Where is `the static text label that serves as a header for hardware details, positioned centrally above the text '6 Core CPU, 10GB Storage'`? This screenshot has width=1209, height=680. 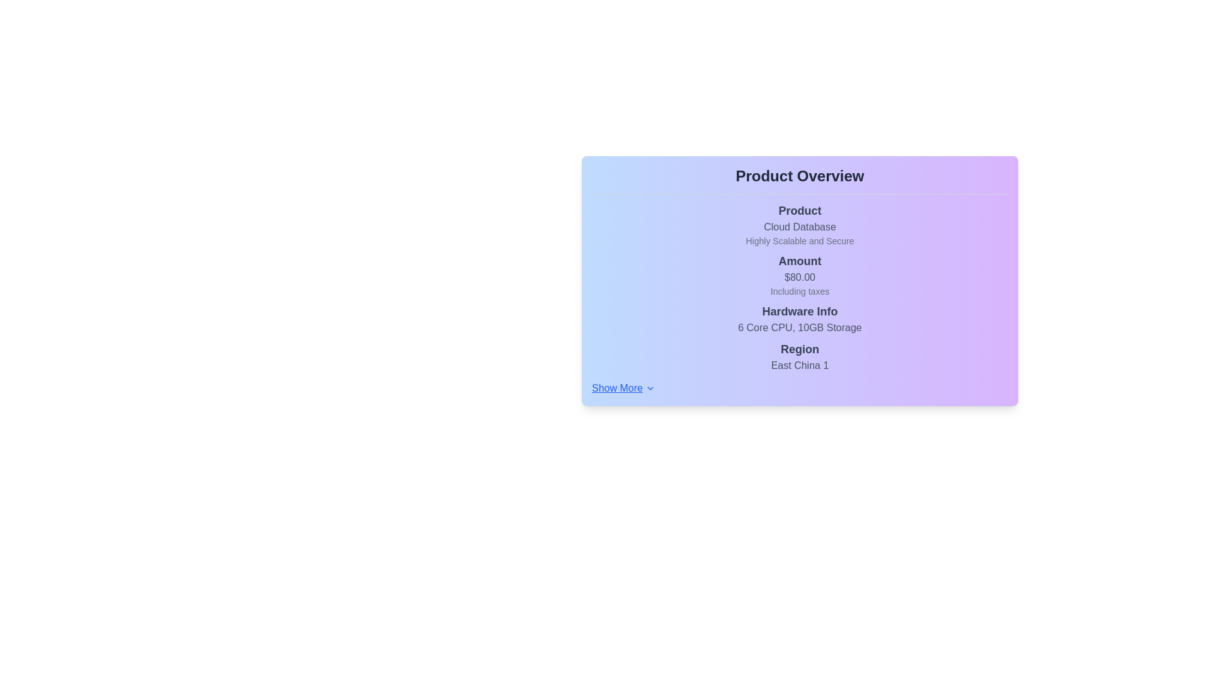 the static text label that serves as a header for hardware details, positioned centrally above the text '6 Core CPU, 10GB Storage' is located at coordinates (799, 311).